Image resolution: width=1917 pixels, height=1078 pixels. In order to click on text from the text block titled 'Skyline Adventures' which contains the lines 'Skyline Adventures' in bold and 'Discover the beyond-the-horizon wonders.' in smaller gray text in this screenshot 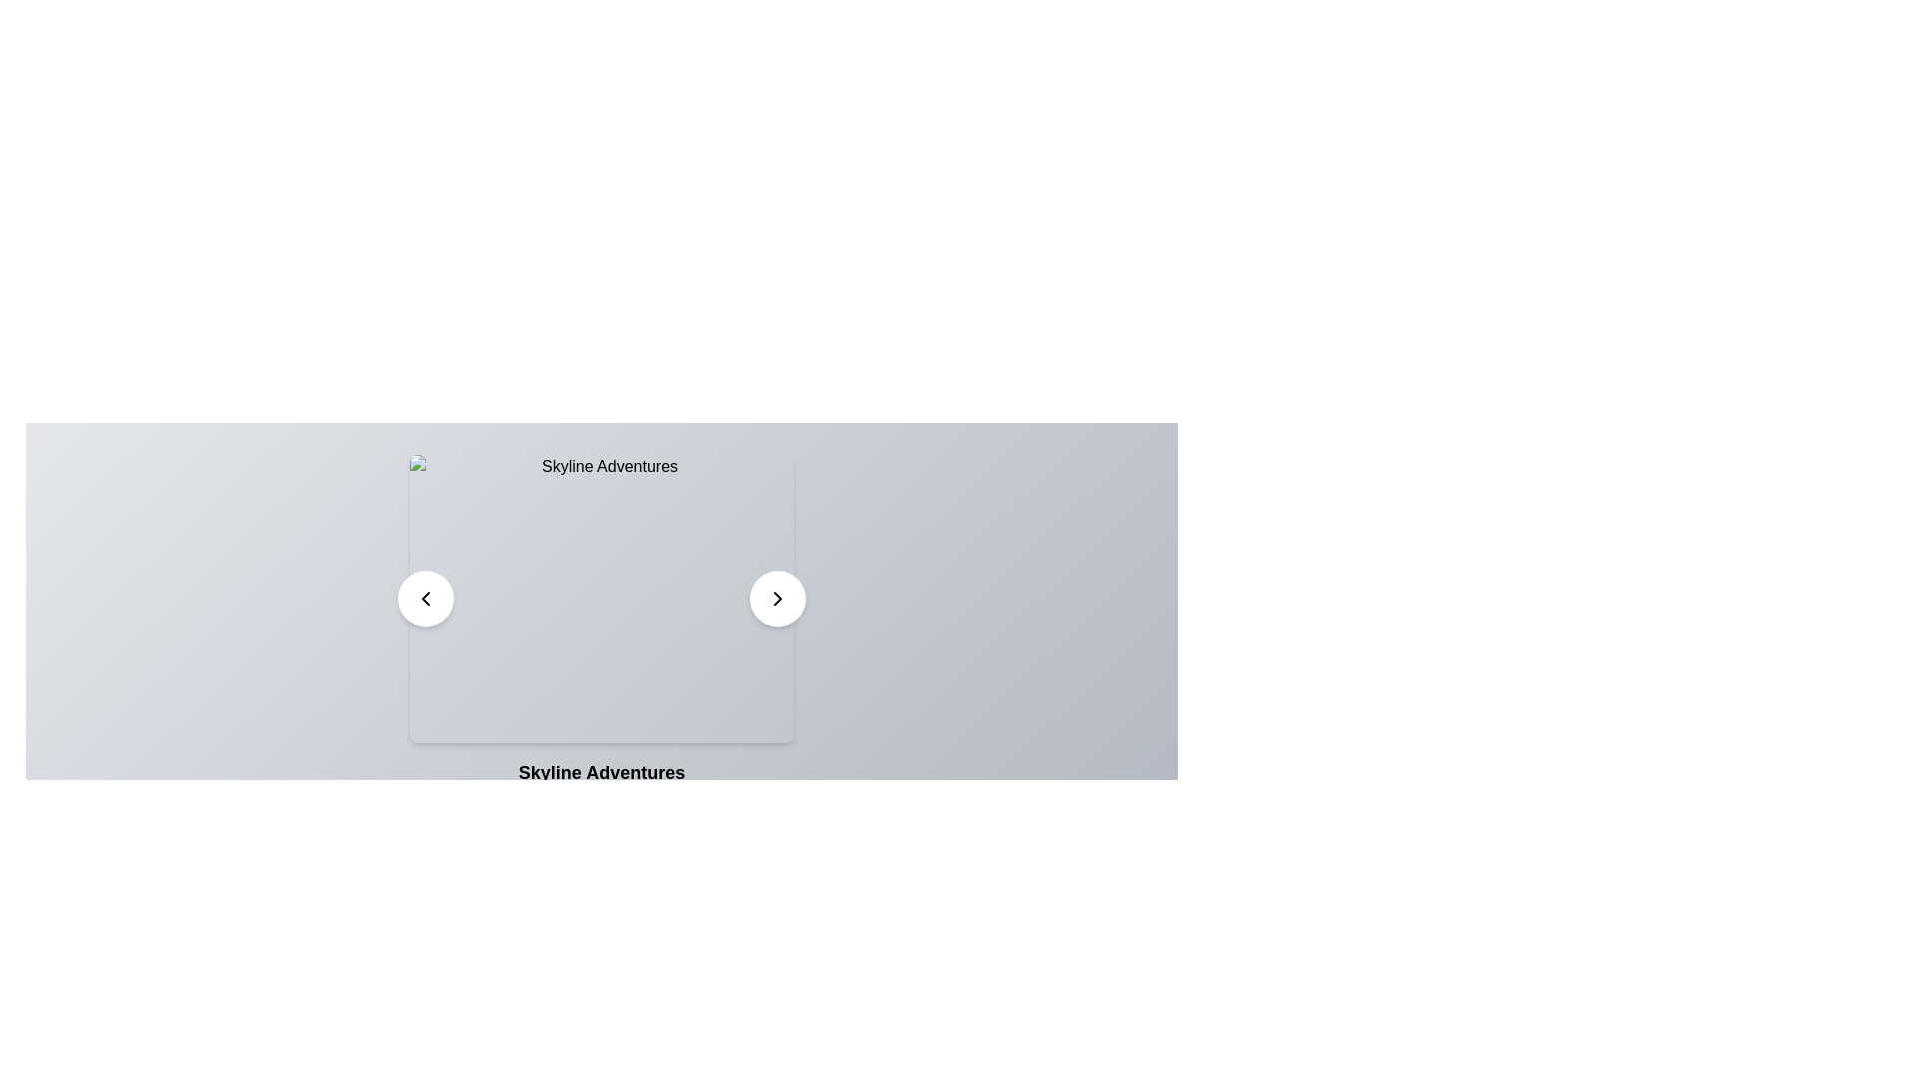, I will do `click(601, 788)`.